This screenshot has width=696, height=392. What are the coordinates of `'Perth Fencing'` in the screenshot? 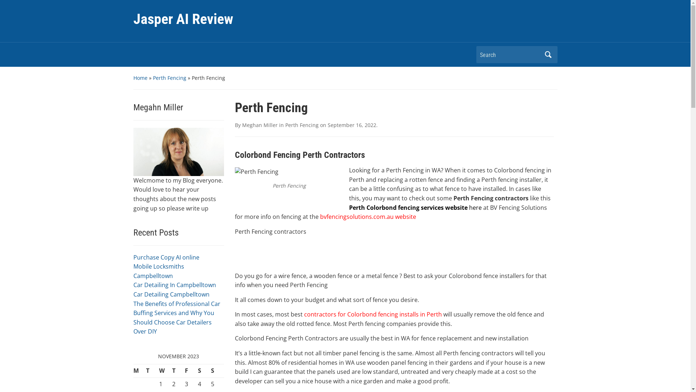 It's located at (301, 124).